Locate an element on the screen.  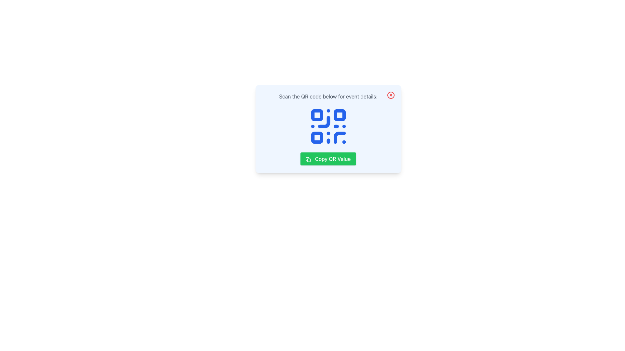
the close button located at the top-right corner of the blue card containing QR-related content is located at coordinates (391, 95).